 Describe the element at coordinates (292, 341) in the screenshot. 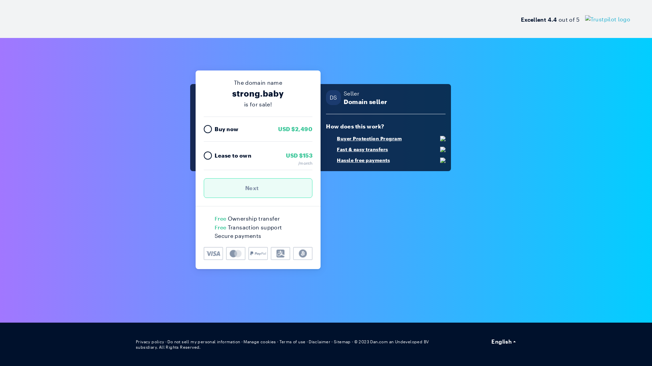

I see `'Terms of use'` at that location.